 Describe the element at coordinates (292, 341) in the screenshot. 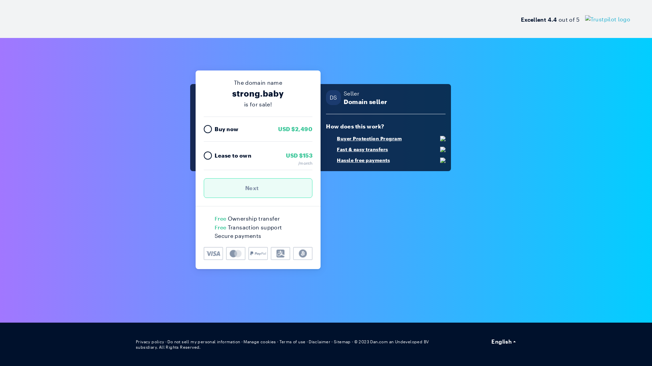

I see `'Terms of use'` at that location.